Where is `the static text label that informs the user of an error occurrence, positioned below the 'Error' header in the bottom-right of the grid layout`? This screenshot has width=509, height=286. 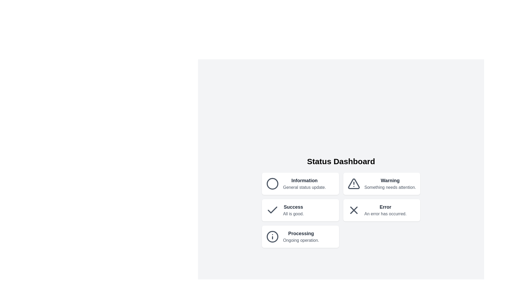
the static text label that informs the user of an error occurrence, positioned below the 'Error' header in the bottom-right of the grid layout is located at coordinates (385, 213).